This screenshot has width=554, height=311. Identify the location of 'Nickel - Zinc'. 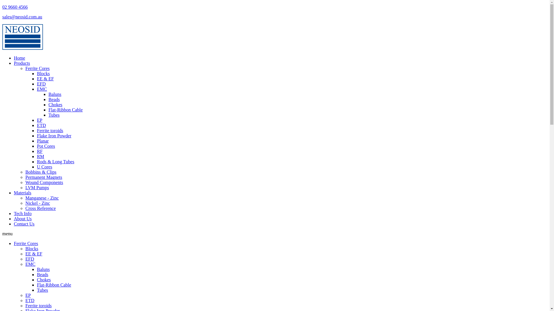
(37, 203).